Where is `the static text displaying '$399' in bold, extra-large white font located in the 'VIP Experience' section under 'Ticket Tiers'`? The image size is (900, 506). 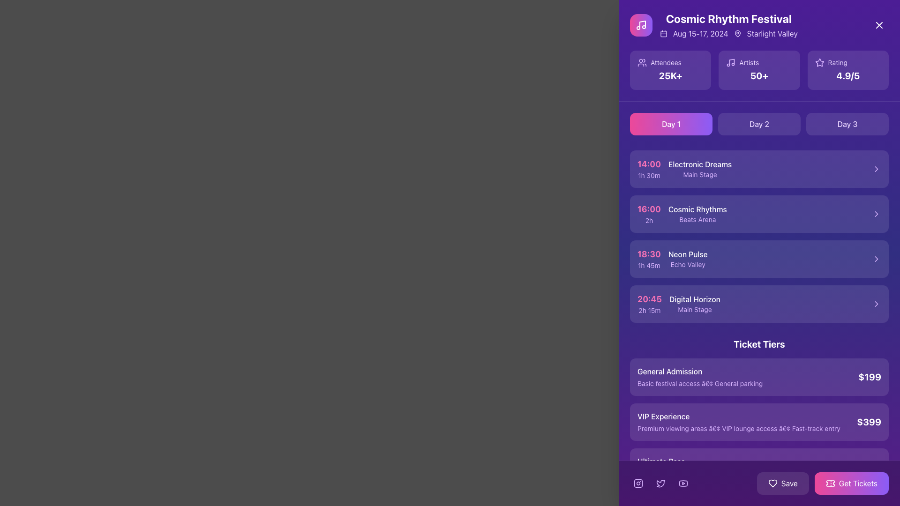
the static text displaying '$399' in bold, extra-large white font located in the 'VIP Experience' section under 'Ticket Tiers' is located at coordinates (869, 422).